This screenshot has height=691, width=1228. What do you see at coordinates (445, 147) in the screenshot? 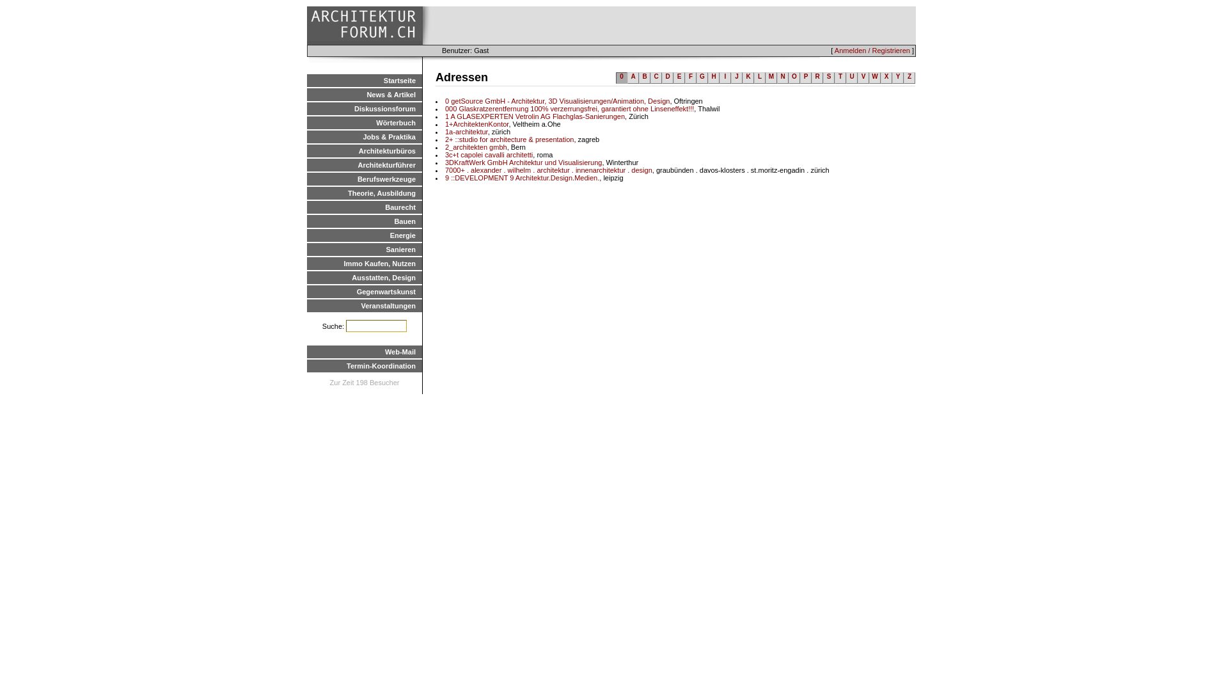
I see `'2_architekten gmbh'` at bounding box center [445, 147].